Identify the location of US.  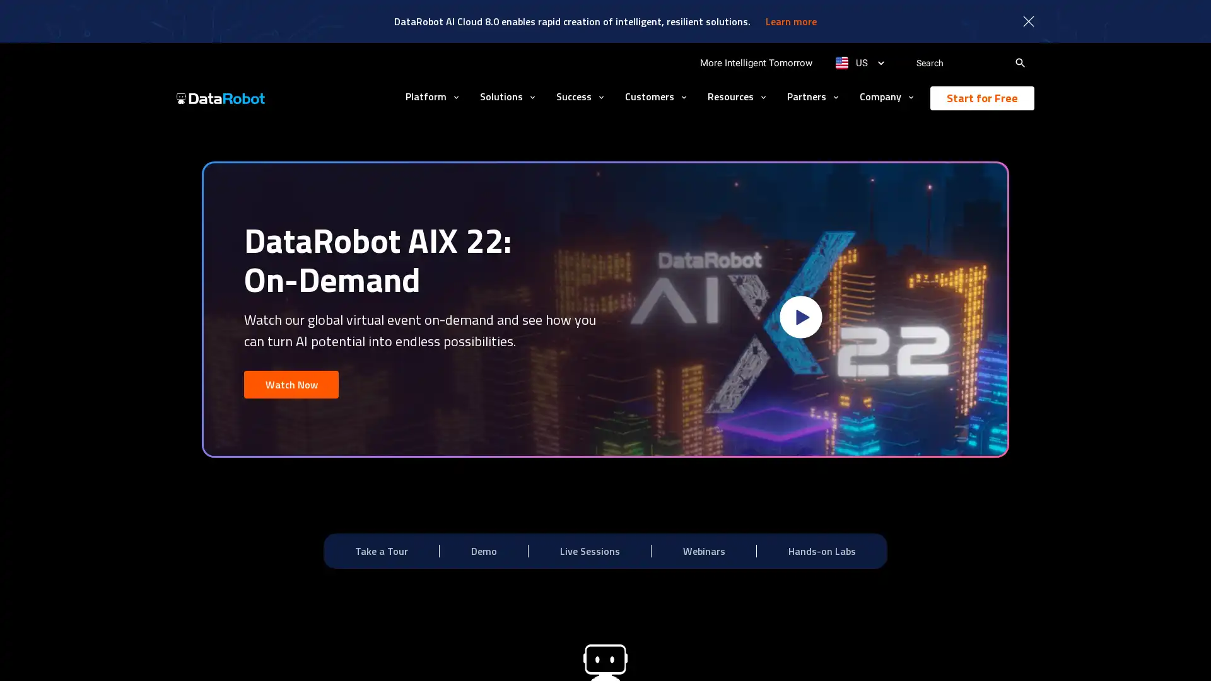
(859, 63).